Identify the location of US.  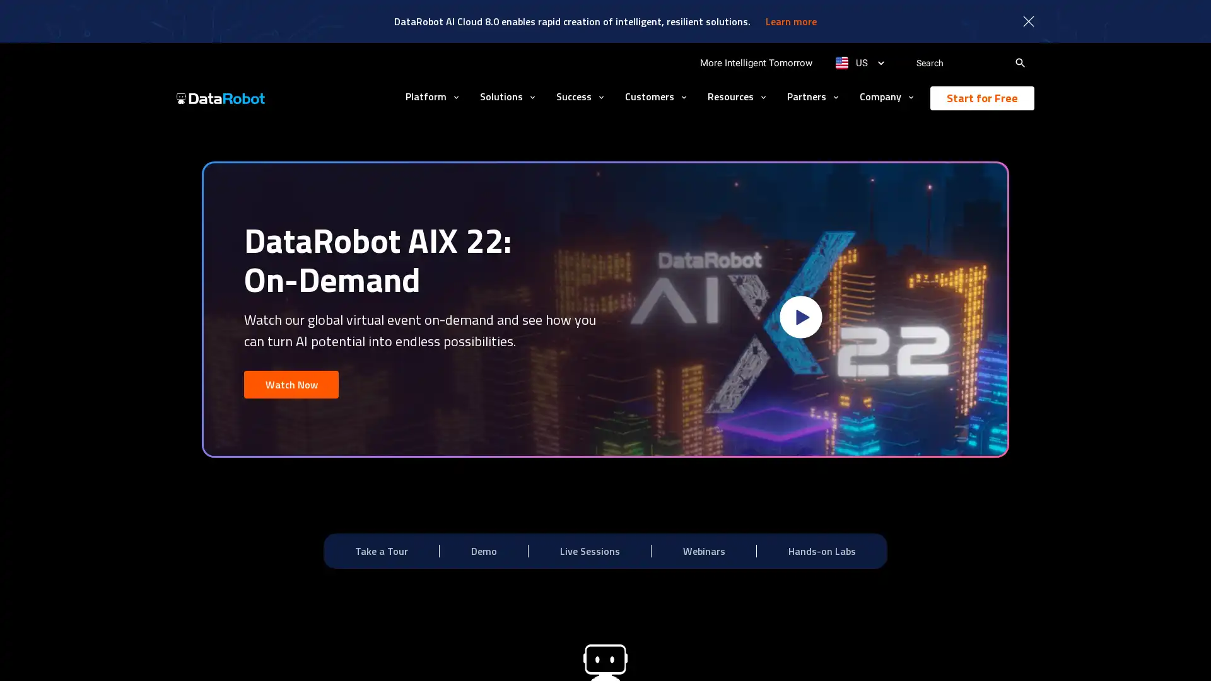
(859, 63).